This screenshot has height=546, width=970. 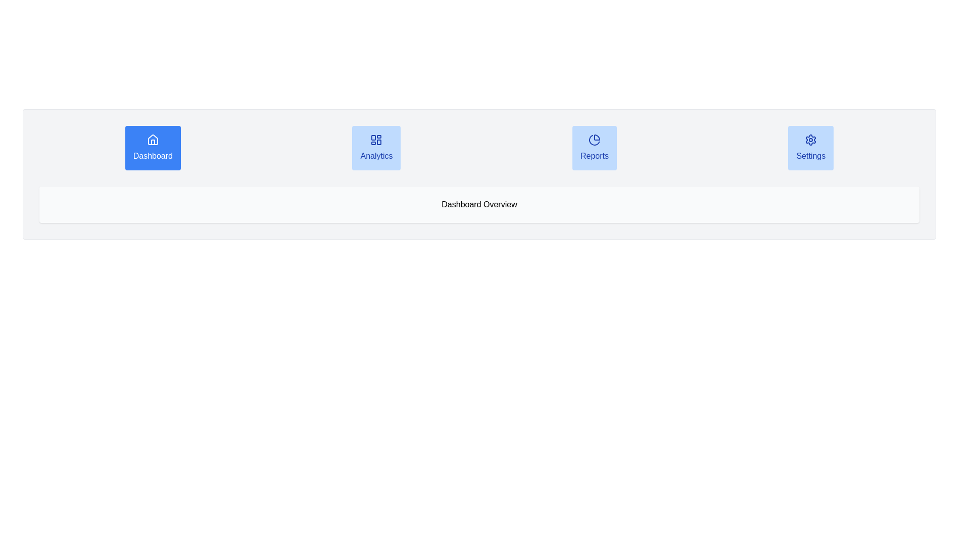 I want to click on keyboard navigation, so click(x=376, y=148).